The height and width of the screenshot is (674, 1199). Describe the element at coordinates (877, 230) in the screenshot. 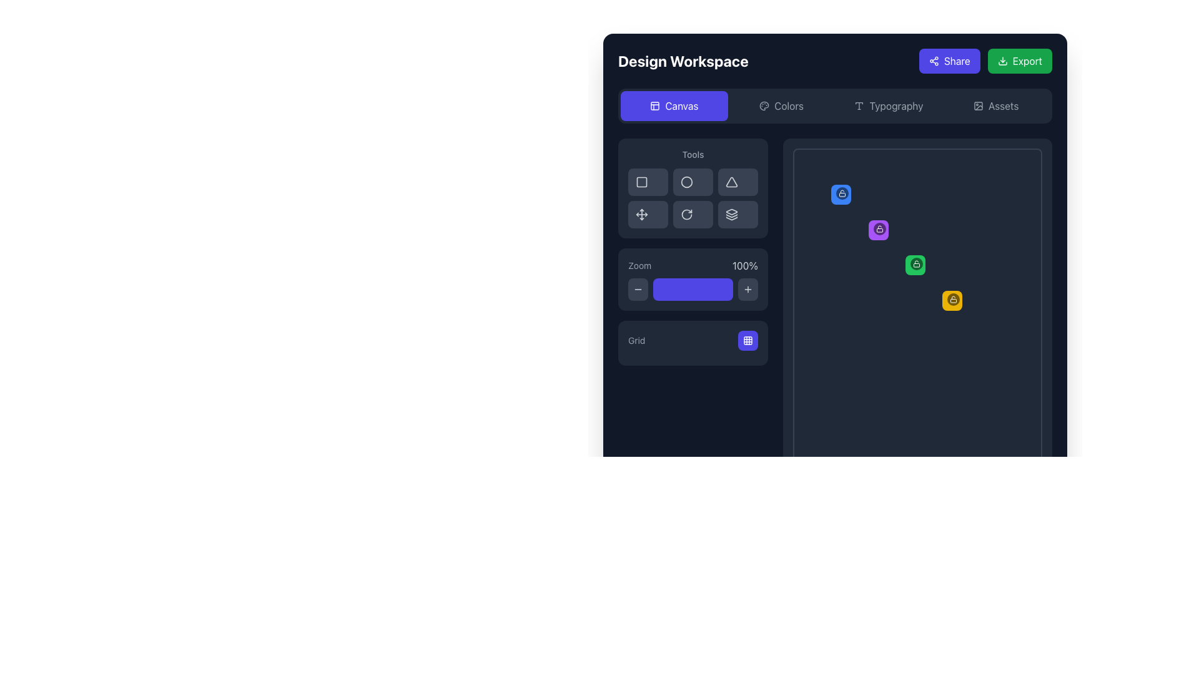

I see `the purple square Icon Button with a lock icon in the center, which is the second element in a vertical list of similar elements` at that location.